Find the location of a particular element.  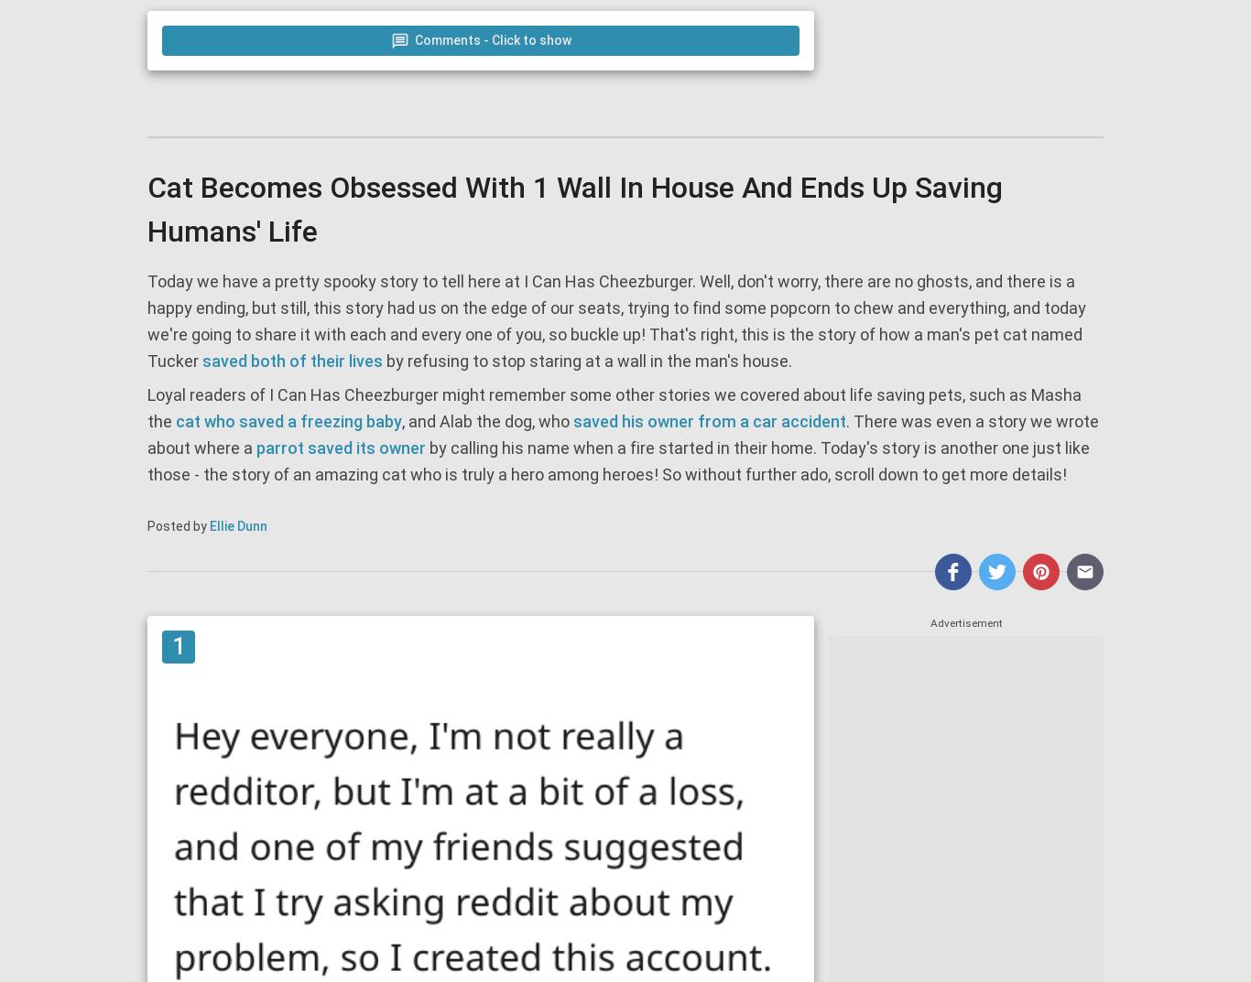

'- Click to show' is located at coordinates (524, 38).